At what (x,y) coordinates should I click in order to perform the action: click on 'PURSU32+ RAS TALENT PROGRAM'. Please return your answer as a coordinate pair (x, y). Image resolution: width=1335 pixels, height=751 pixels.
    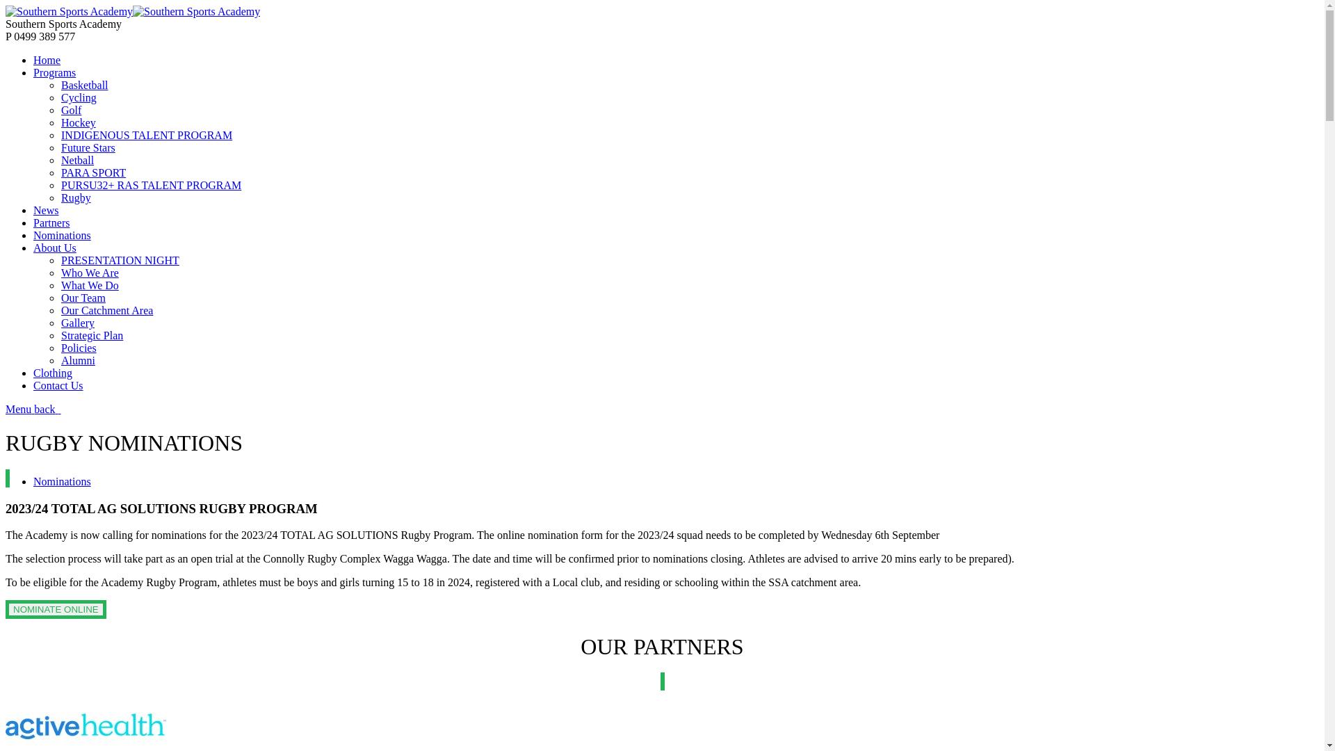
    Looking at the image, I should click on (151, 184).